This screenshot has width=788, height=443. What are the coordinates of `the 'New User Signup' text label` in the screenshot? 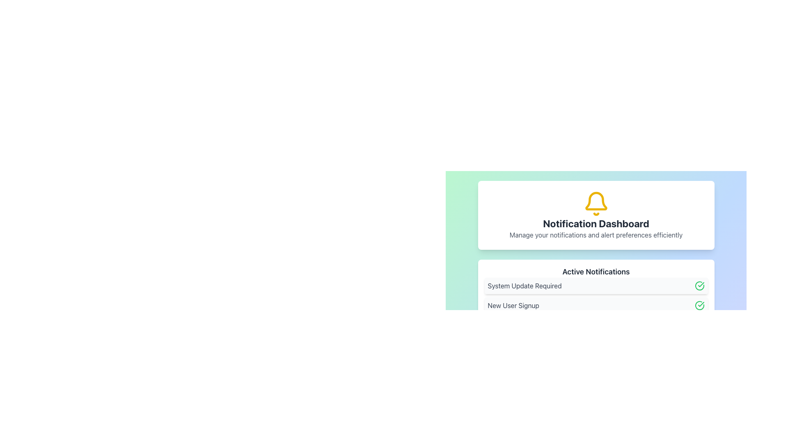 It's located at (513, 305).